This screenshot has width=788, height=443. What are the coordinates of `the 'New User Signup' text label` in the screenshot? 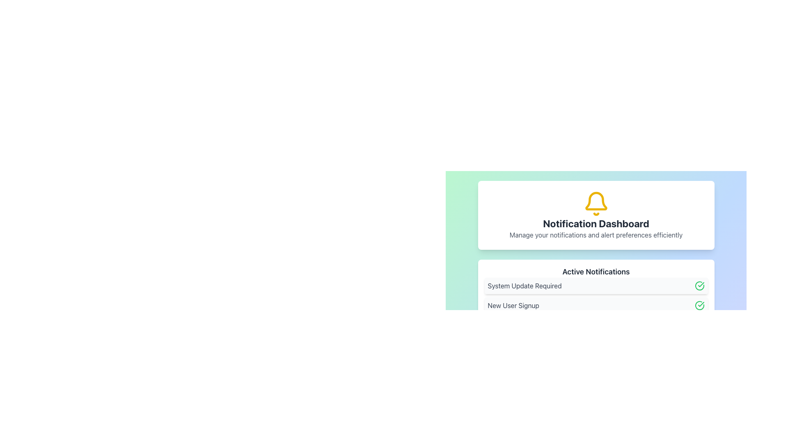 It's located at (513, 305).